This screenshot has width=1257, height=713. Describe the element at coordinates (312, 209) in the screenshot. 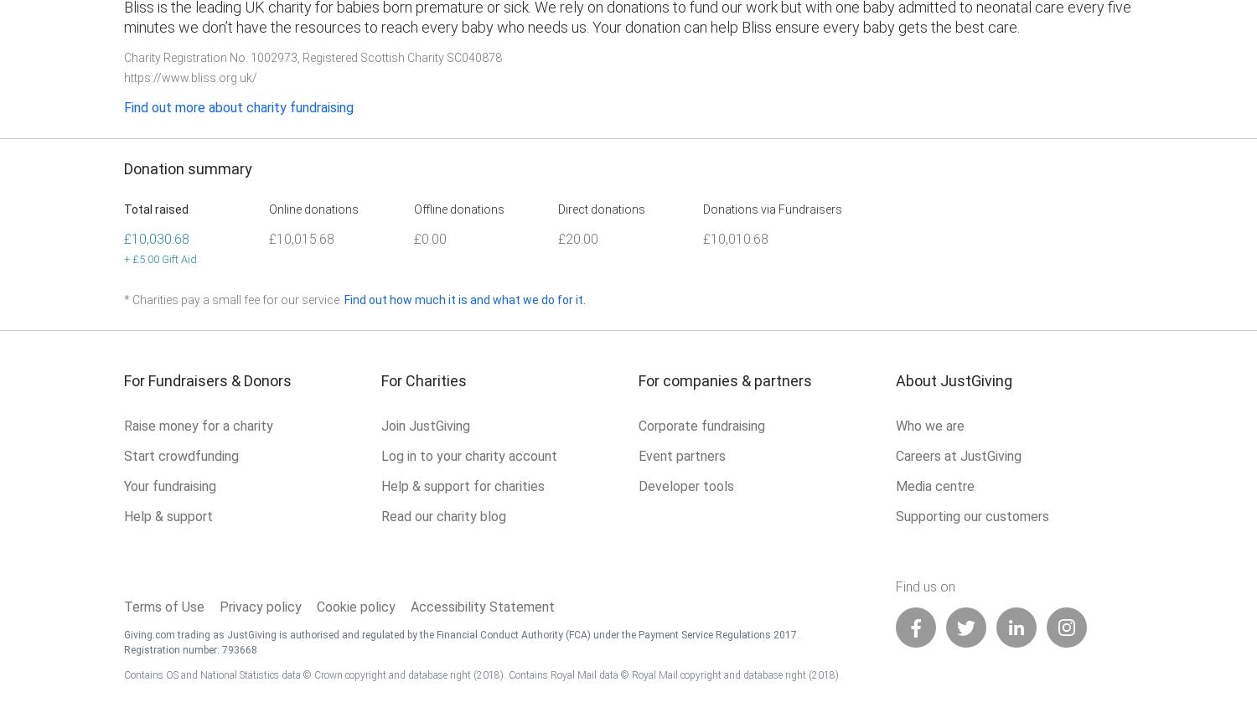

I see `'Online donations'` at that location.